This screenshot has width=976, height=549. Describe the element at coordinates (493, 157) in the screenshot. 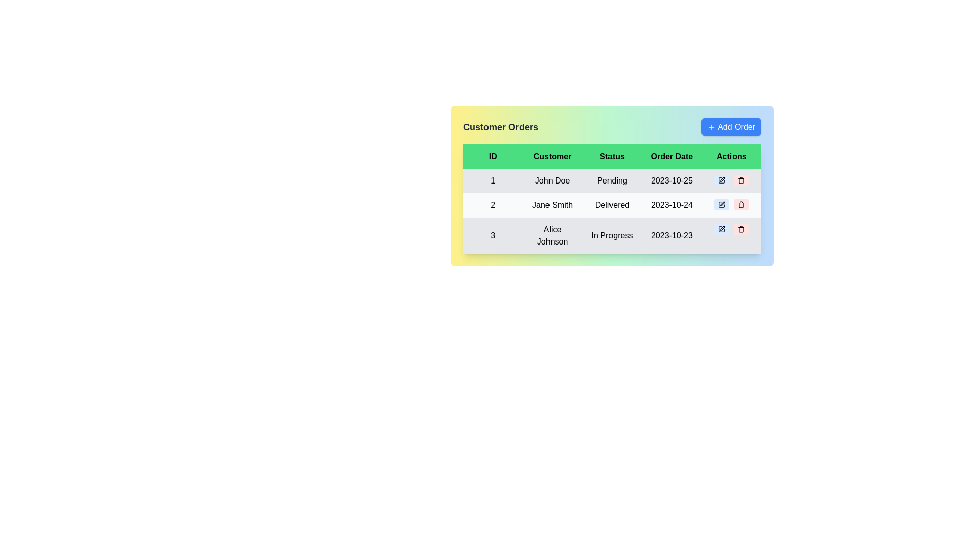

I see `the 'ID' table header, which is the first cell in the header row of the table` at that location.